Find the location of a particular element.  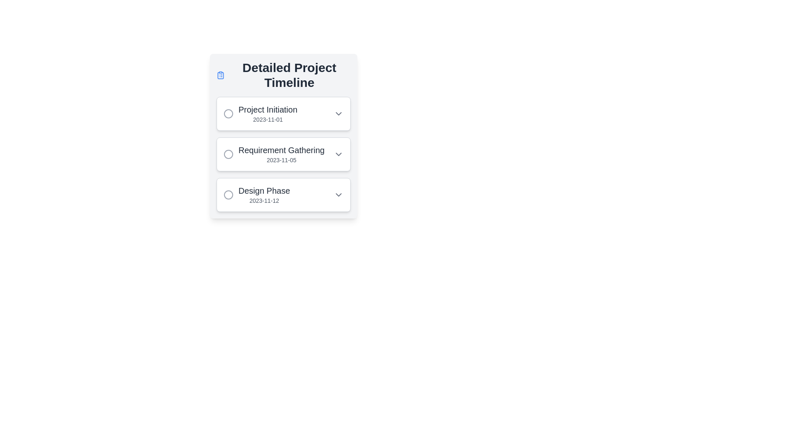

displayed date '2023-11-01' from the text label located directly under the 'Project Initiation' label in the 'Detailed Project Timeline' interface is located at coordinates (268, 120).